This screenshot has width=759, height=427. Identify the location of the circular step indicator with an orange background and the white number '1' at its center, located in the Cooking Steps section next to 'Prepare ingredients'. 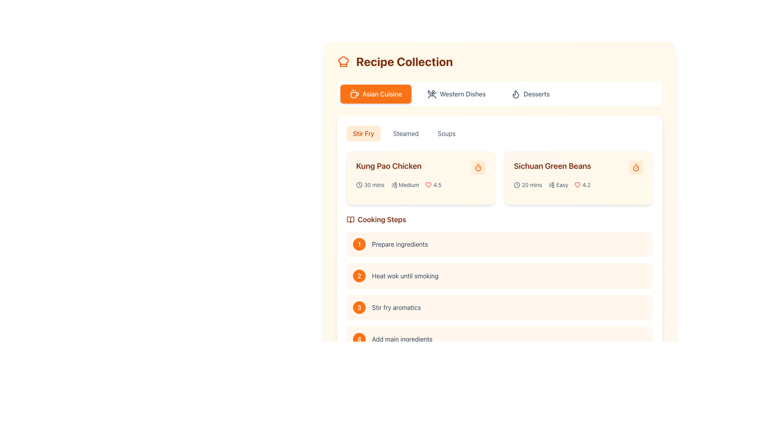
(359, 244).